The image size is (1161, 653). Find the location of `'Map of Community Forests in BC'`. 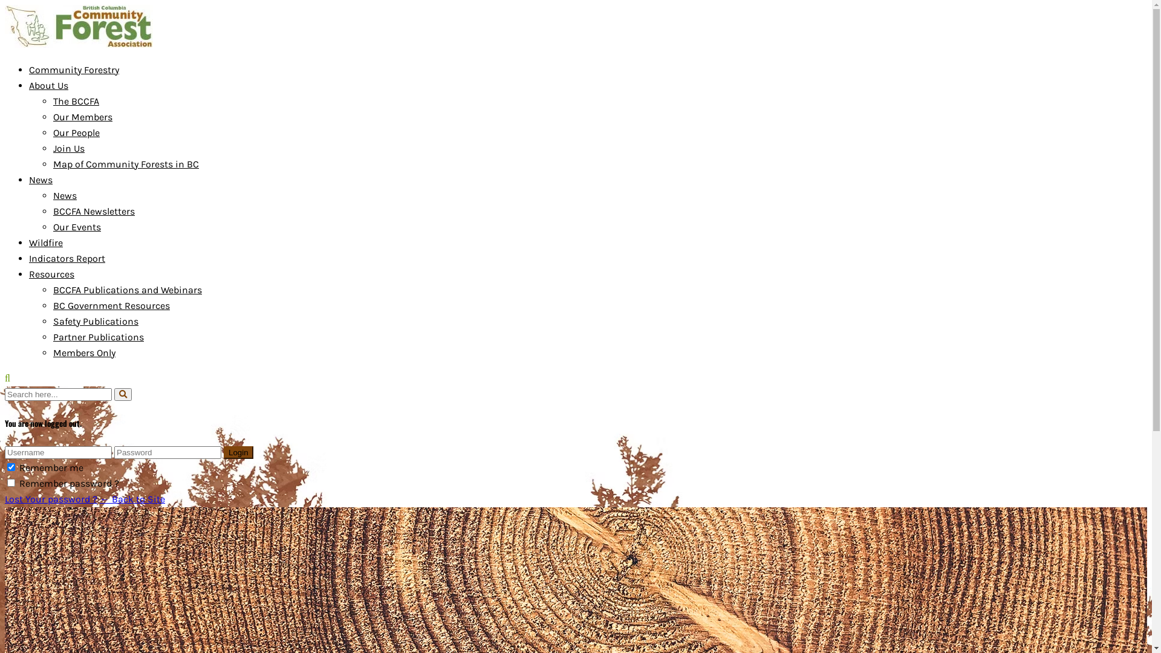

'Map of Community Forests in BC' is located at coordinates (126, 164).